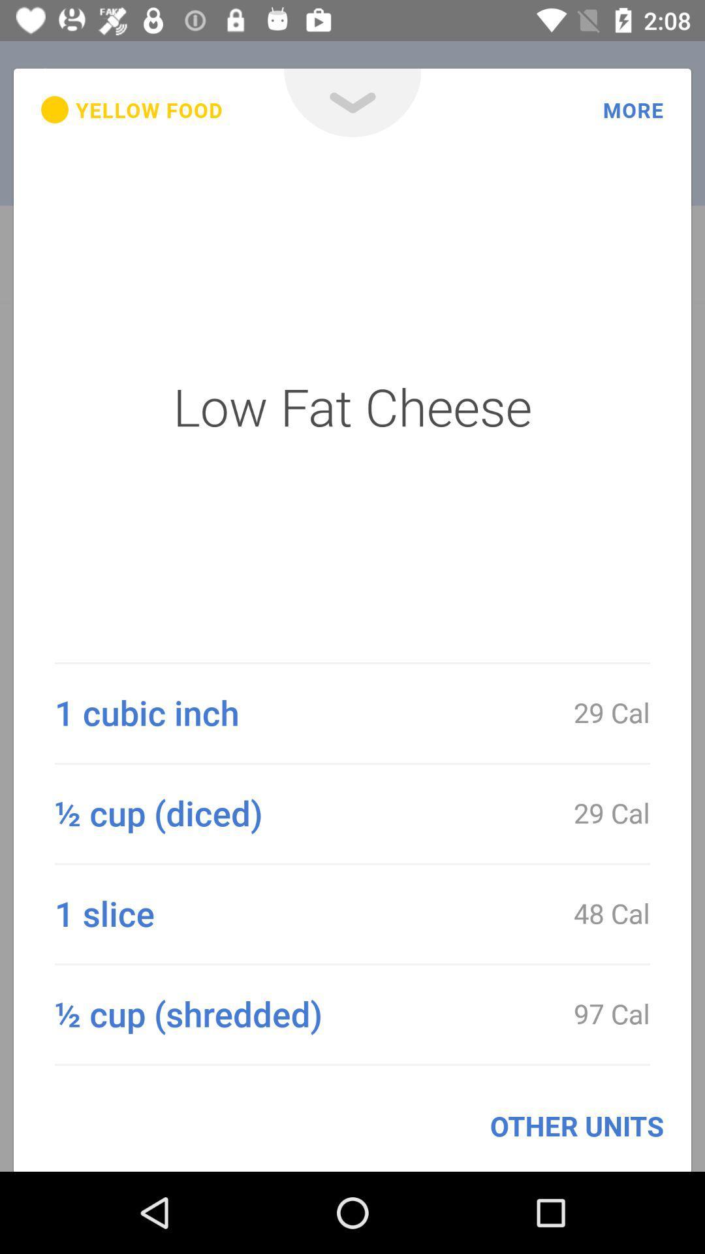  Describe the element at coordinates (352, 102) in the screenshot. I see `the item above the low fat cheese icon` at that location.